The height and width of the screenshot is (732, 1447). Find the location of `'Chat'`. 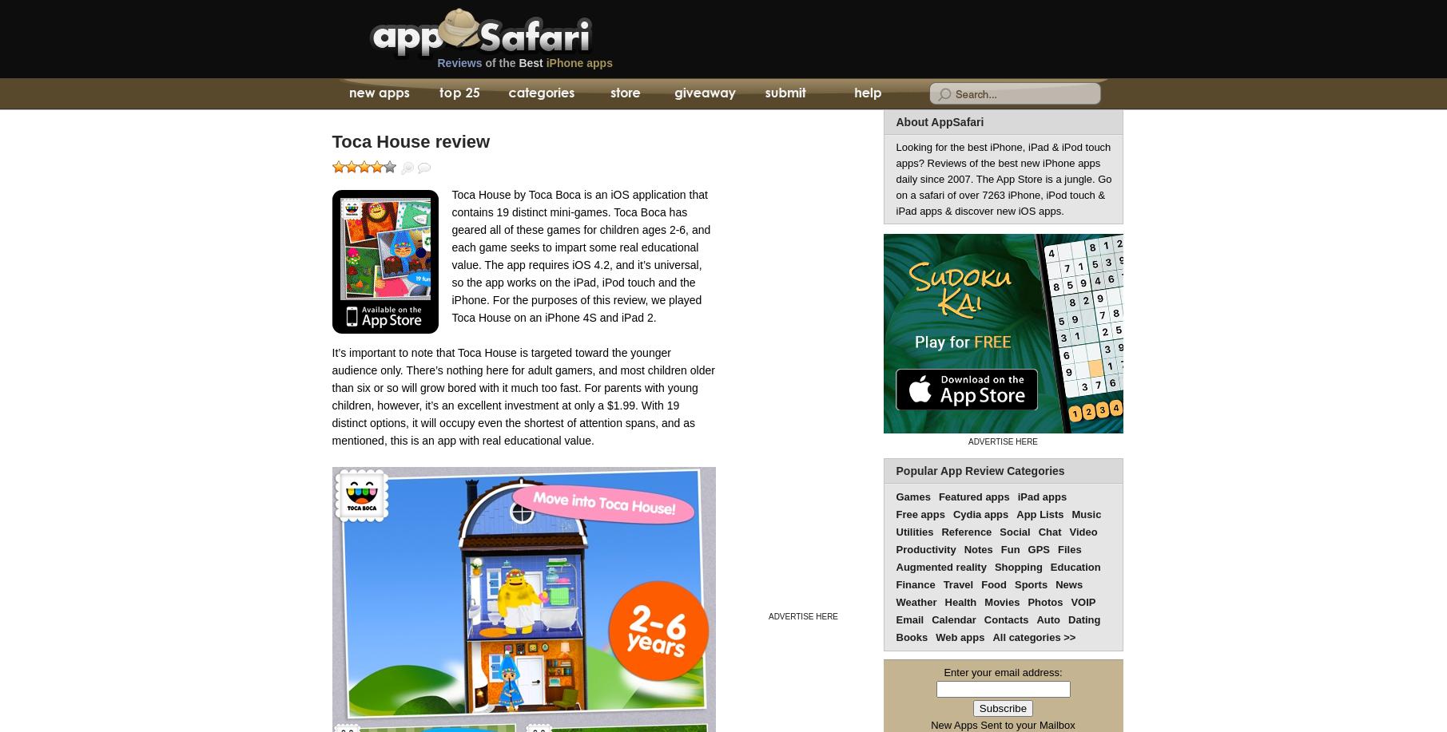

'Chat' is located at coordinates (1048, 532).